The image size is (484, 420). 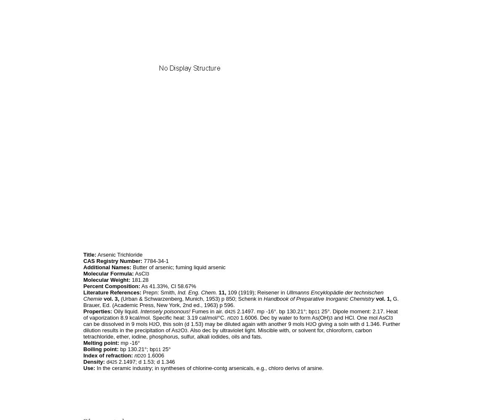 I want to click on 'Molecular Weight:', so click(x=83, y=280).